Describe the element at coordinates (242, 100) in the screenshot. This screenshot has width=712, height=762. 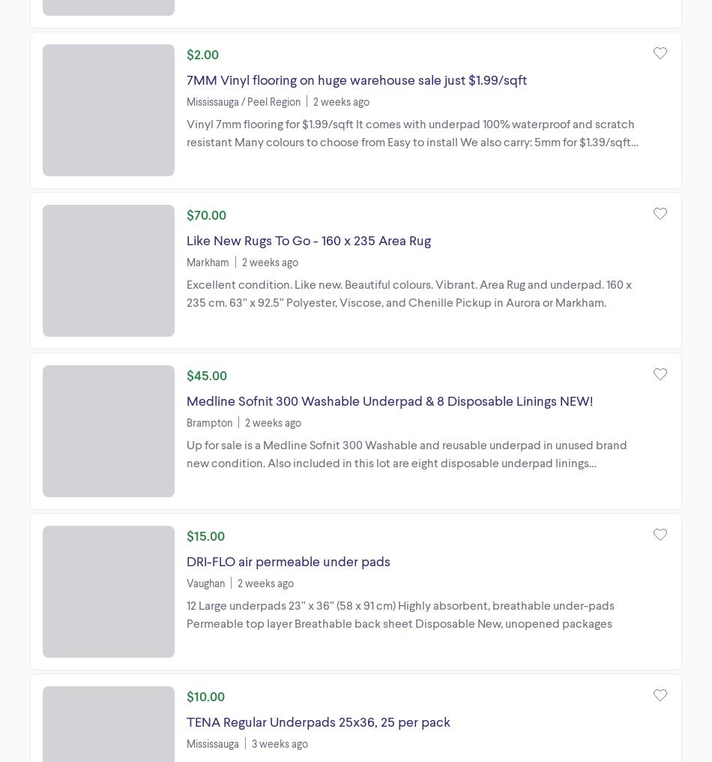
I see `'Mississauga / Peel Region'` at that location.